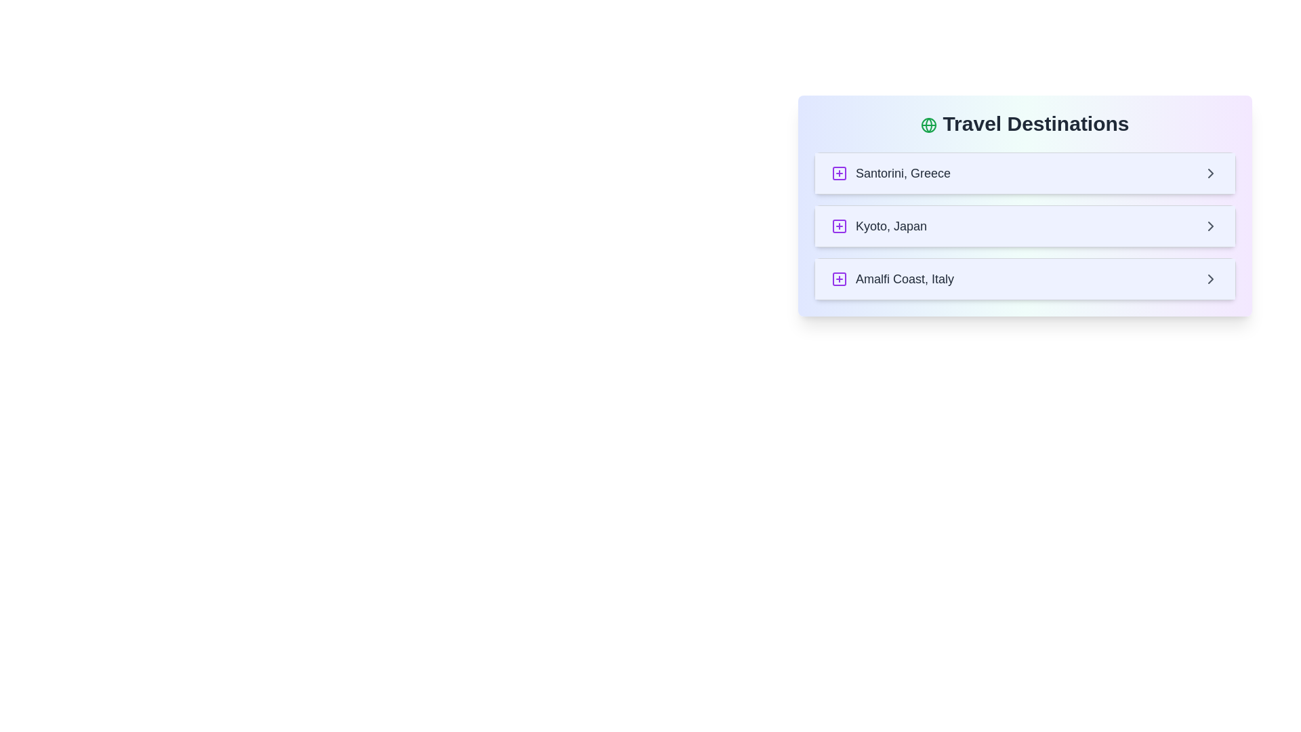 The width and height of the screenshot is (1301, 732). I want to click on the action button located to the left of the text 'Kyoto, Japan' on the second row of the travel destinations list, so click(838, 226).